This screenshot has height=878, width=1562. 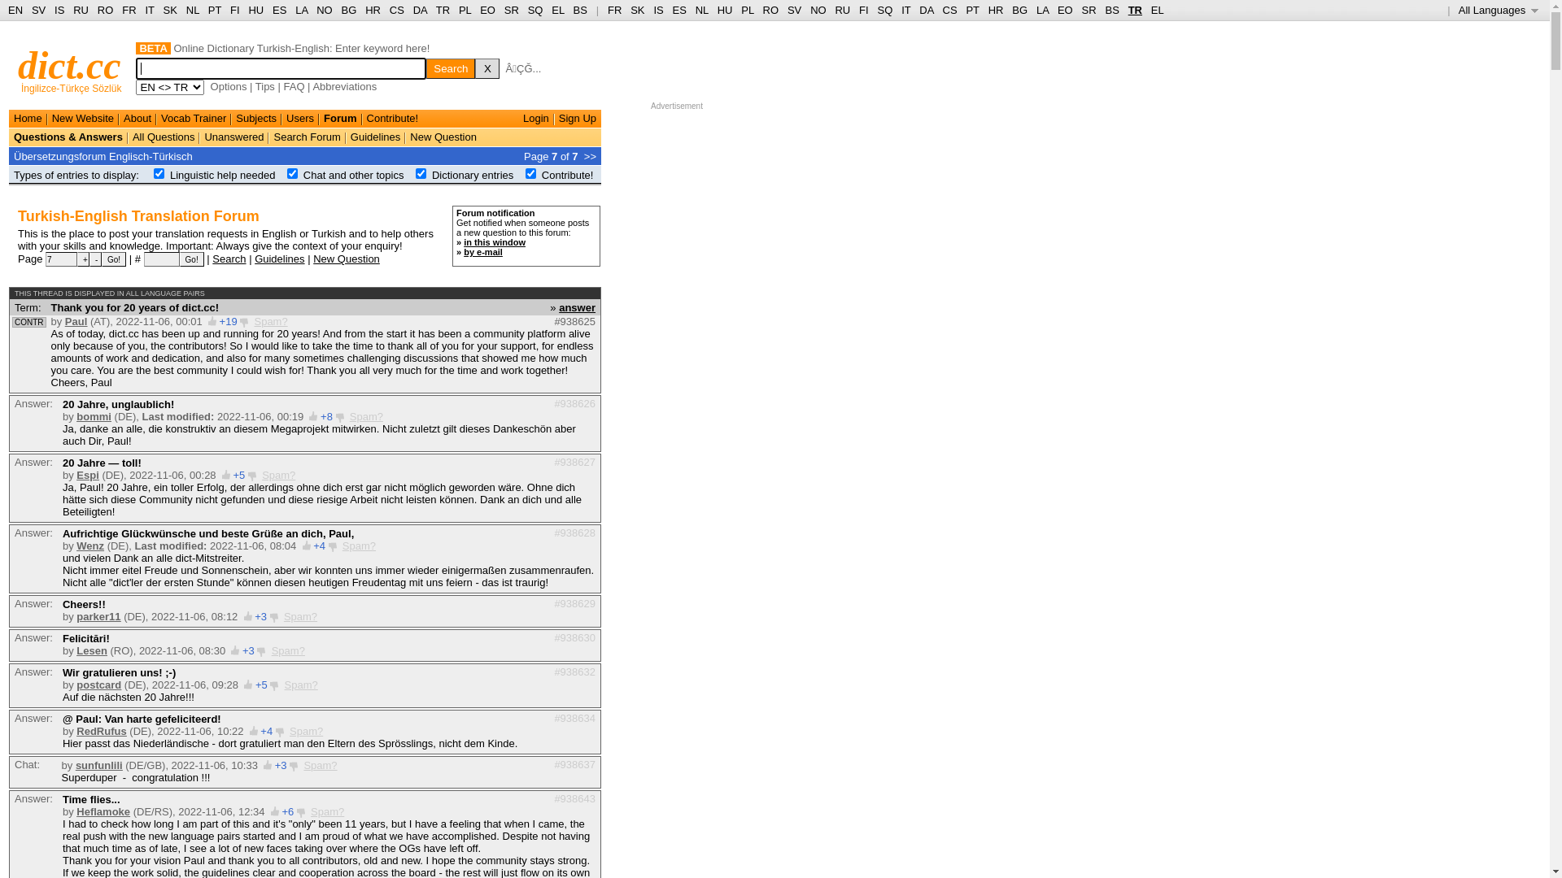 I want to click on 'Spam?', so click(x=278, y=475).